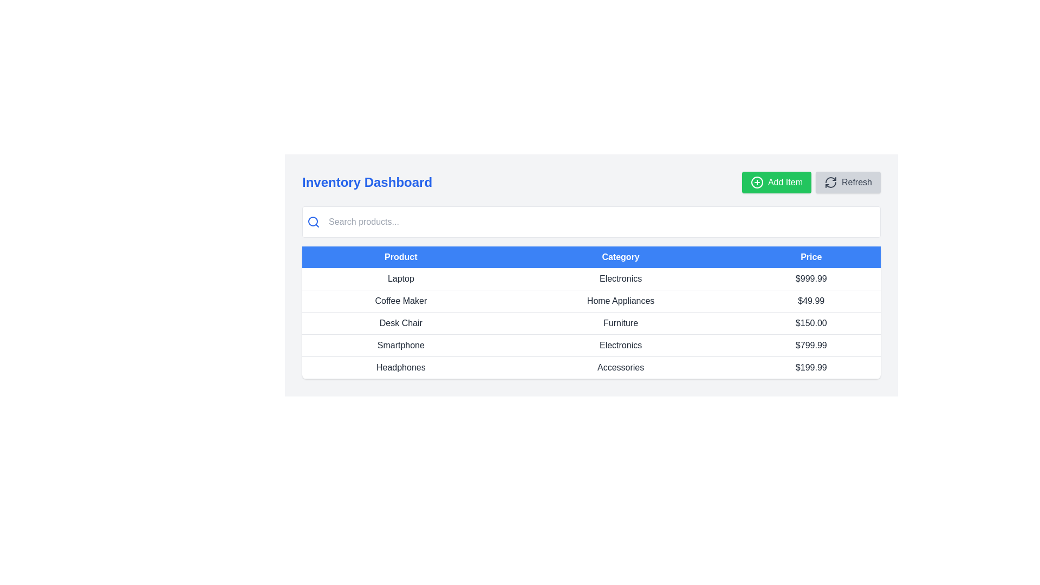 This screenshot has height=585, width=1040. What do you see at coordinates (811, 367) in the screenshot?
I see `the static text element displaying the price '$199.99', which is located in the third column of a product entry row in a table, under the 'Price' header` at bounding box center [811, 367].